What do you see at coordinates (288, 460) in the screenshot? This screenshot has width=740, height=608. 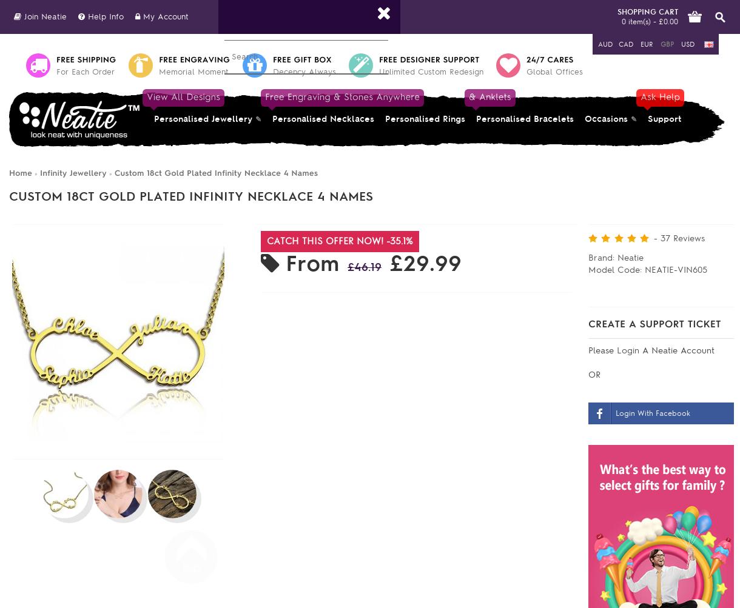 I see `'Chain Length:'` at bounding box center [288, 460].